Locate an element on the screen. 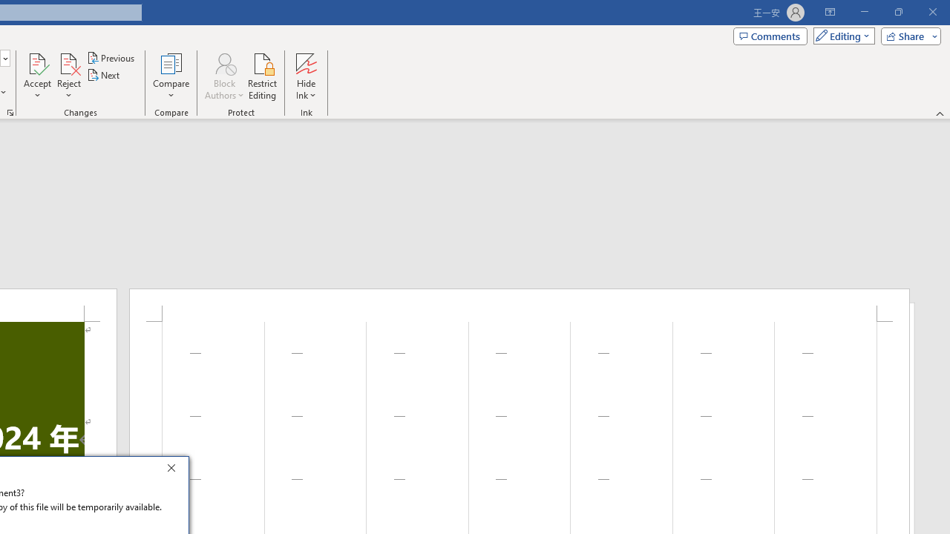  'Block Authors' is located at coordinates (223, 76).